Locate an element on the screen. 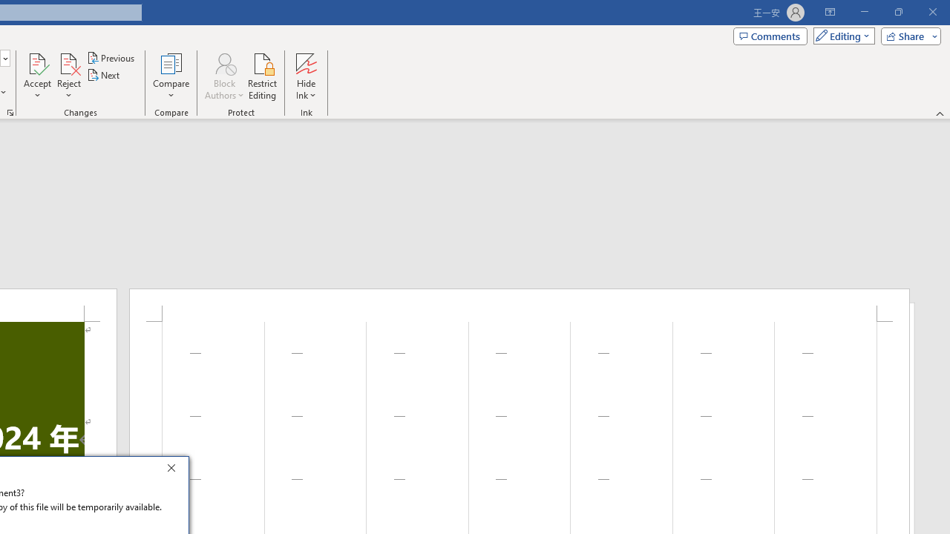  'Block Authors' is located at coordinates (223, 76).